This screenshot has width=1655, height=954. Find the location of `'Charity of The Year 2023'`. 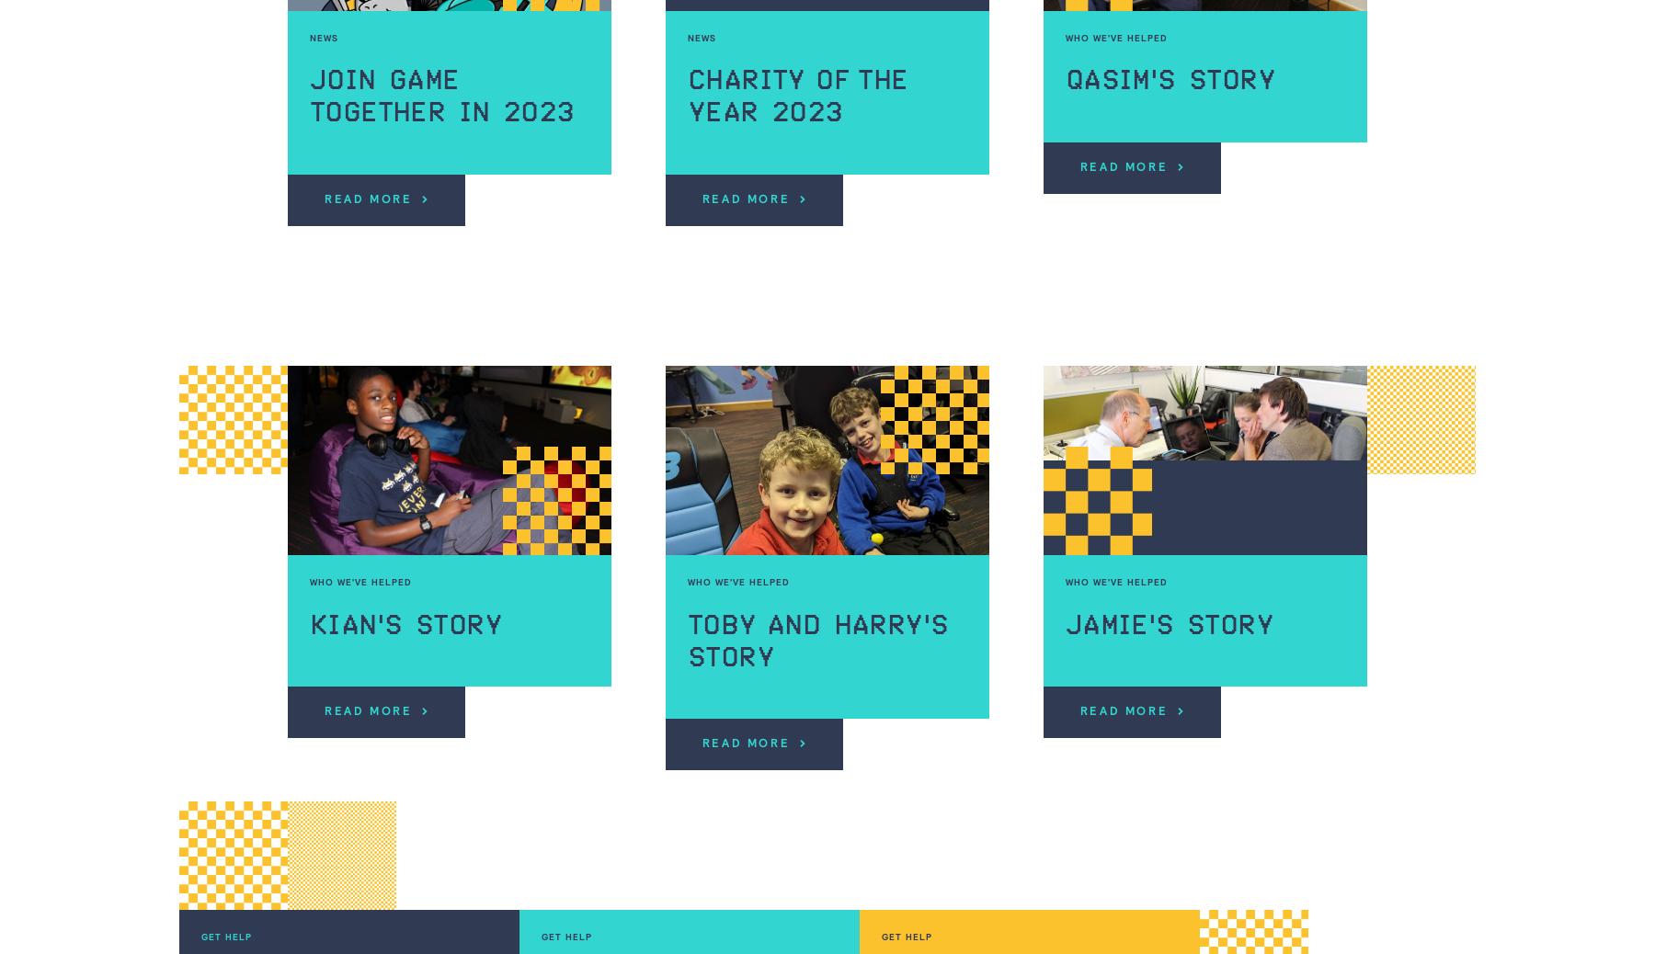

'Charity of The Year 2023' is located at coordinates (797, 96).